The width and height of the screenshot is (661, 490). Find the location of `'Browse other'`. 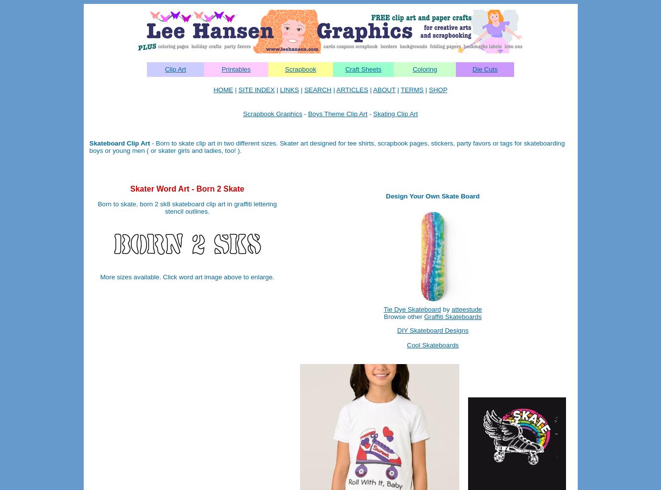

'Browse other' is located at coordinates (403, 316).